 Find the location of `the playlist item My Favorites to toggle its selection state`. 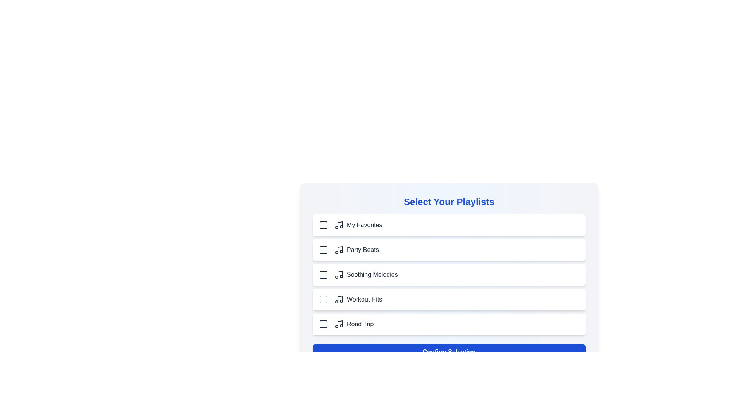

the playlist item My Favorites to toggle its selection state is located at coordinates (449, 225).